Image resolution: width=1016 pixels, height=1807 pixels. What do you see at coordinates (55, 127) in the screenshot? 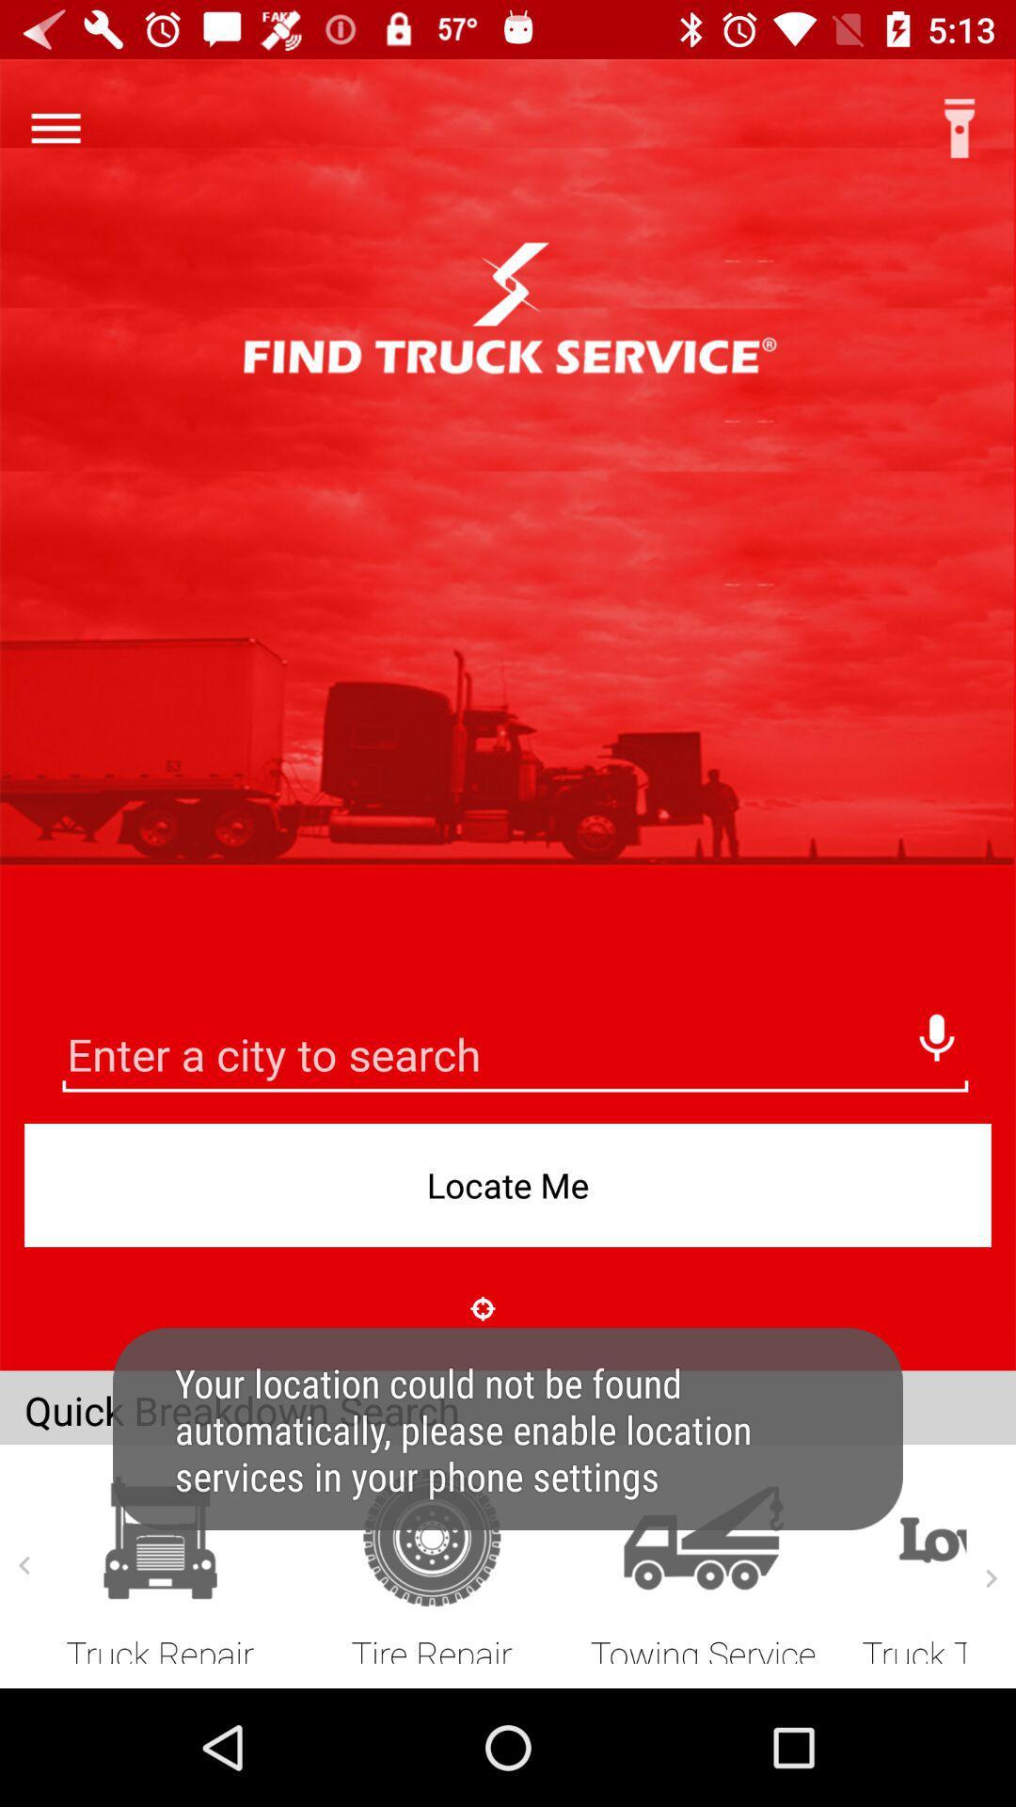
I see `the menu icon` at bounding box center [55, 127].